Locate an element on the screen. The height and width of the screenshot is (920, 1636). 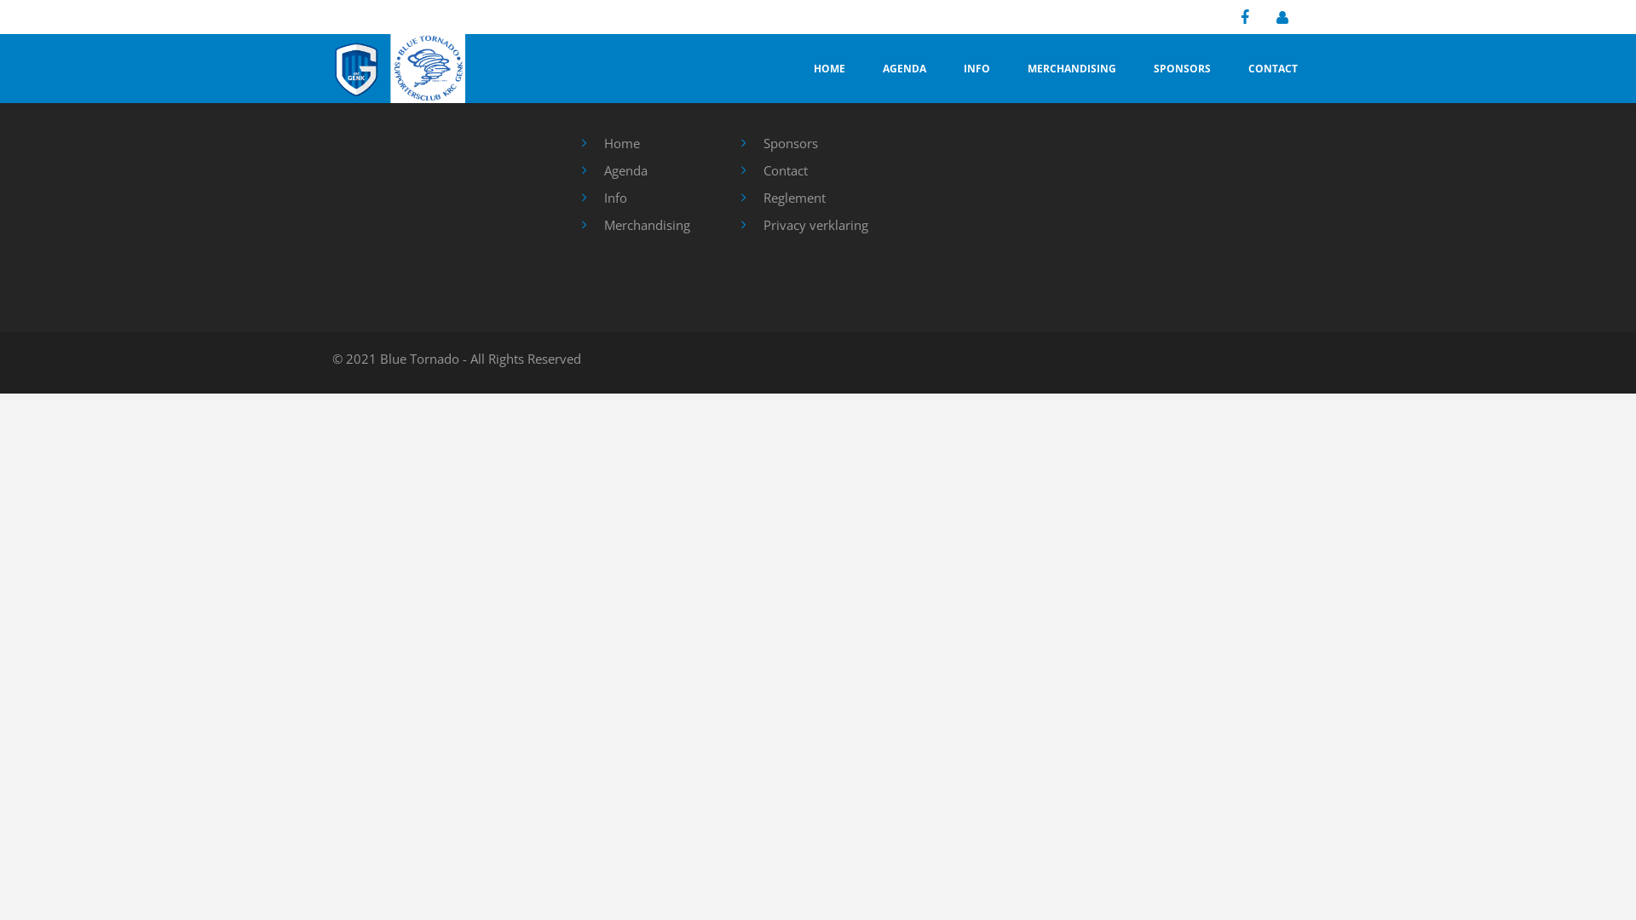
'Reglement' is located at coordinates (793, 196).